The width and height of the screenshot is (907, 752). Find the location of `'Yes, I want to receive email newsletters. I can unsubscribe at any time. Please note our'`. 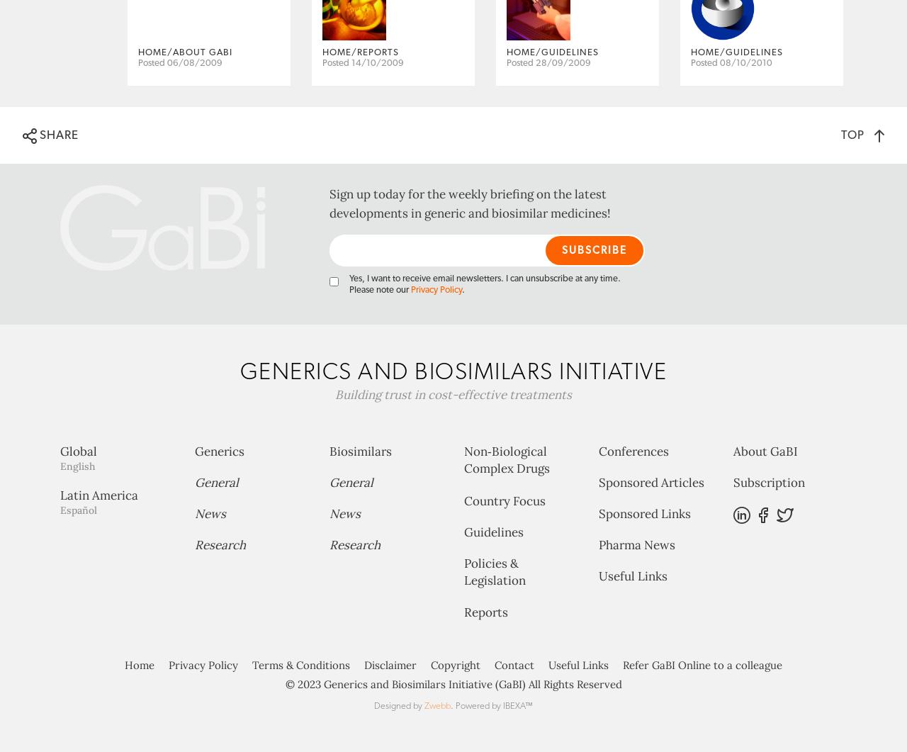

'Yes, I want to receive email newsletters. I can unsubscribe at any time. Please note our' is located at coordinates (485, 339).